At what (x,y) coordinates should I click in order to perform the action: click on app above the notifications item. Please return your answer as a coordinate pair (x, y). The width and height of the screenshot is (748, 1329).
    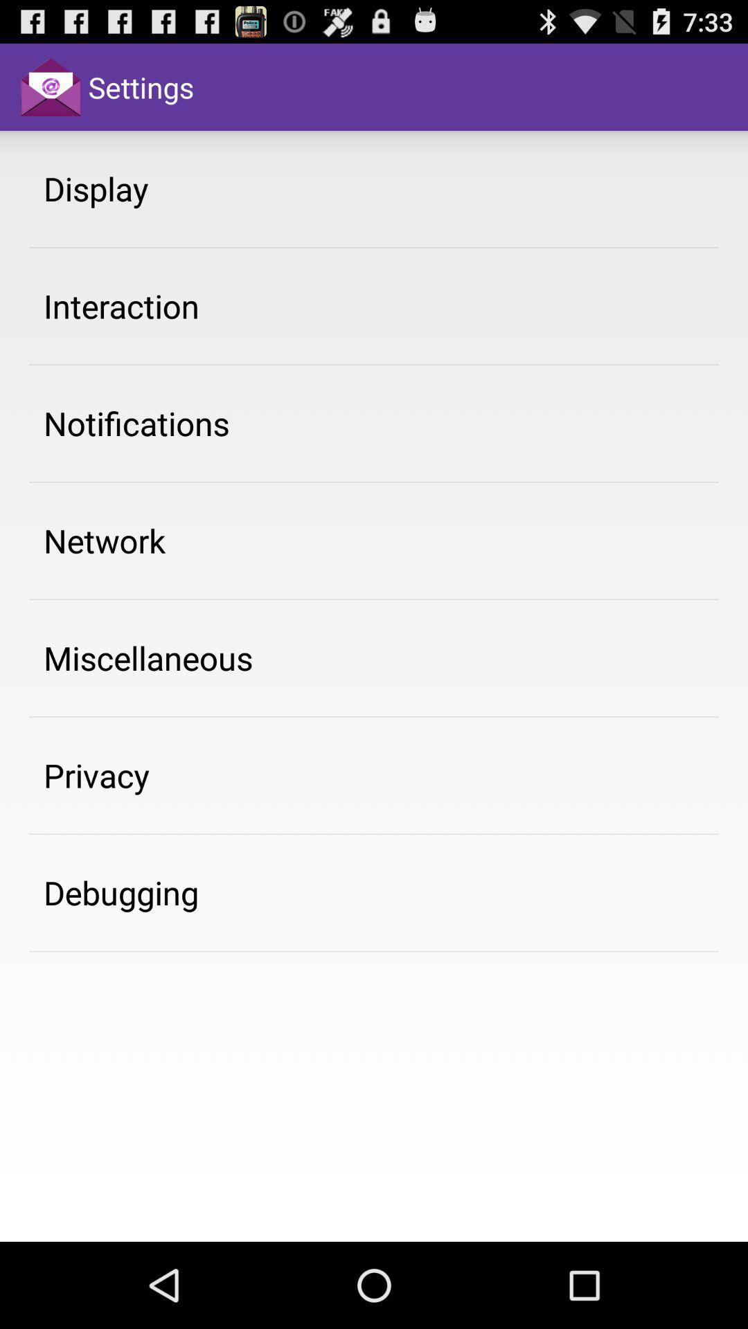
    Looking at the image, I should click on (121, 305).